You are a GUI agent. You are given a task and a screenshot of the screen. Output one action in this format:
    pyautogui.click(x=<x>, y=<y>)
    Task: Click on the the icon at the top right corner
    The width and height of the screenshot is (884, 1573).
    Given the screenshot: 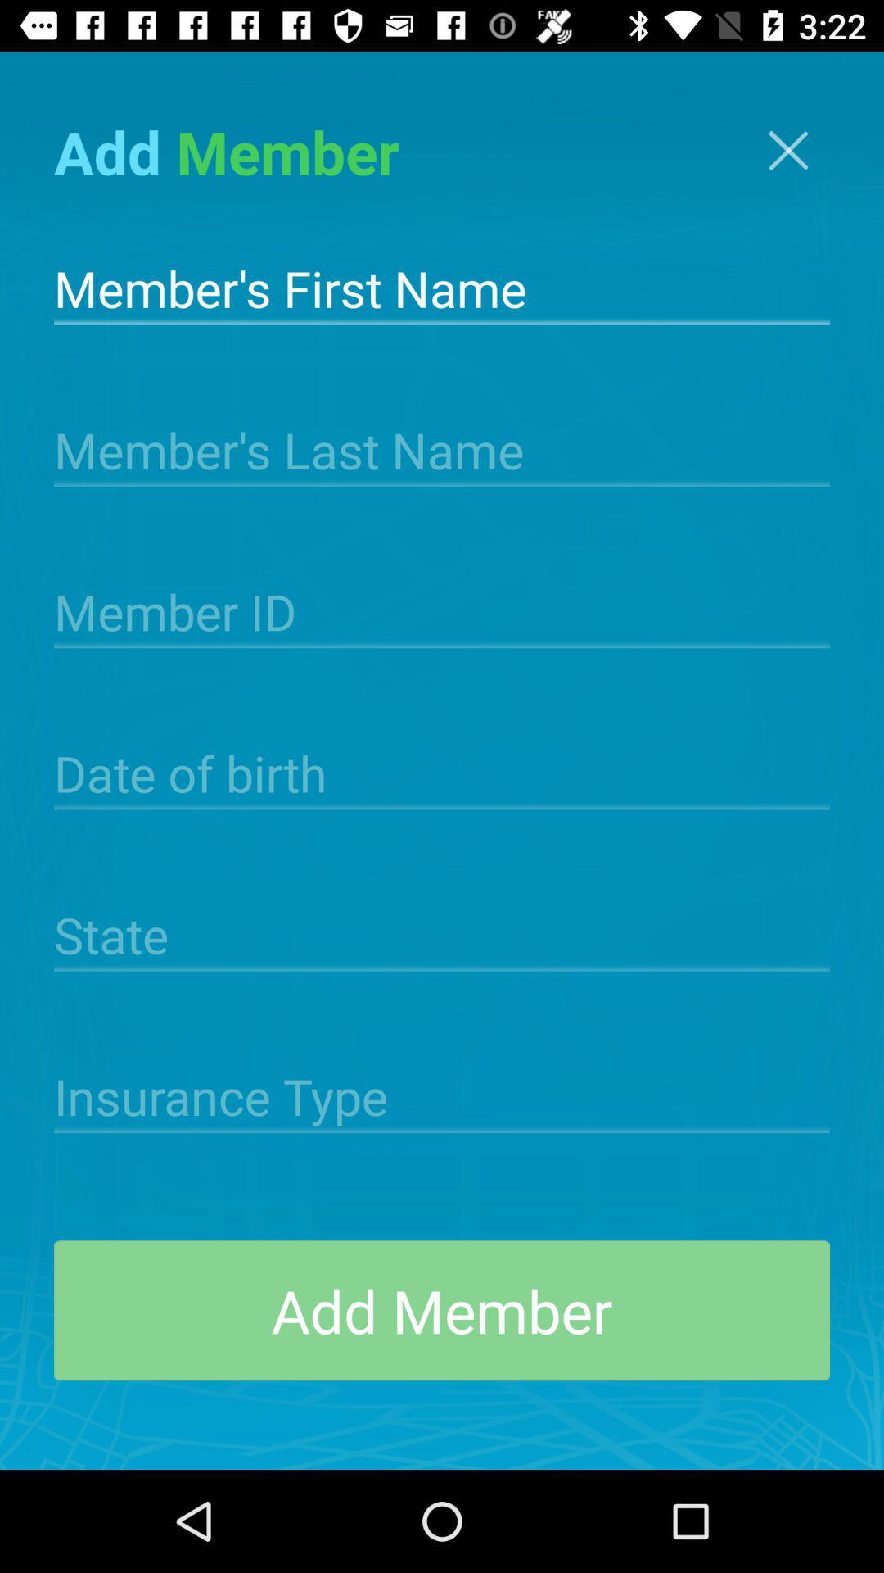 What is the action you would take?
    pyautogui.click(x=787, y=150)
    